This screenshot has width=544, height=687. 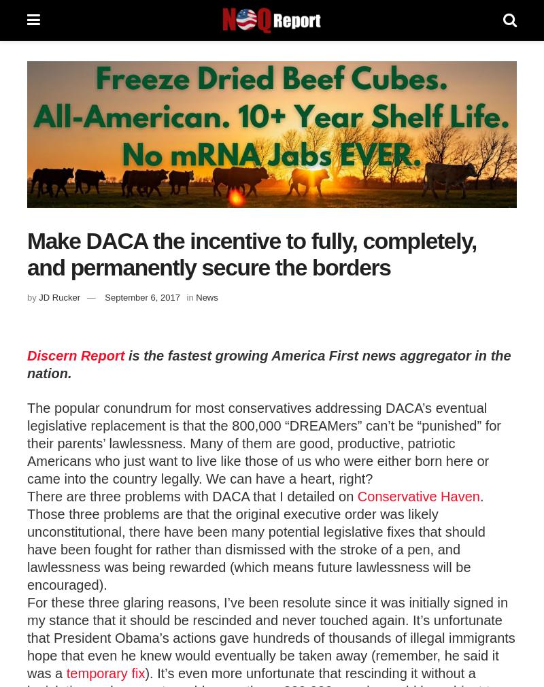 I want to click on 'September 6, 2017', so click(x=141, y=297).